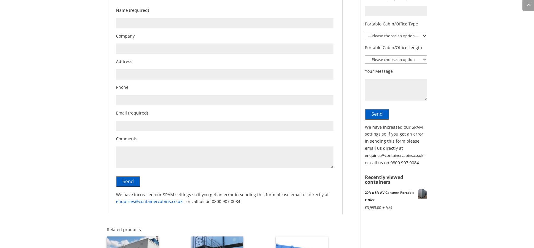  What do you see at coordinates (364, 24) in the screenshot?
I see `'Portable Cabin/Office Type'` at bounding box center [364, 24].